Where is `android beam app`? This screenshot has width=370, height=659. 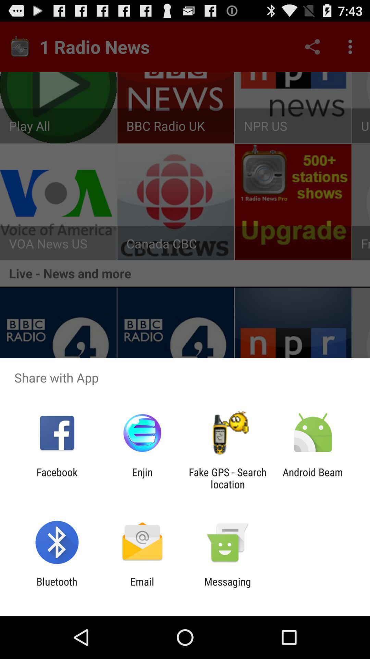
android beam app is located at coordinates (313, 478).